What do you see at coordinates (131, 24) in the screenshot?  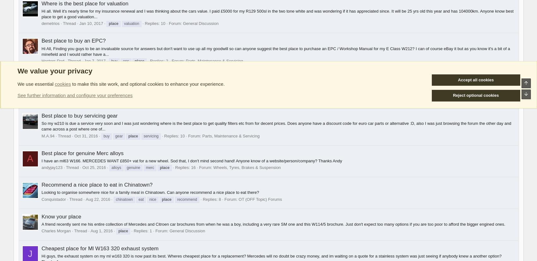 I see `'valuation'` at bounding box center [131, 24].